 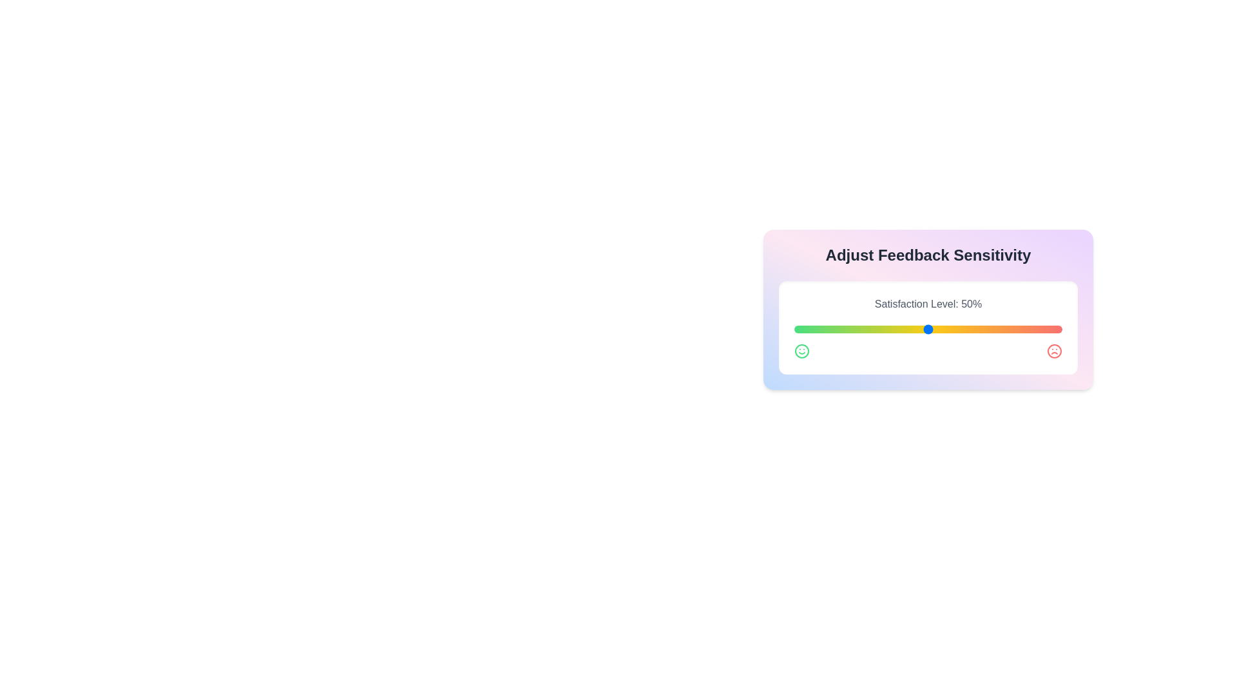 What do you see at coordinates (1054, 351) in the screenshot?
I see `the frown icon to indicate dissatisfaction` at bounding box center [1054, 351].